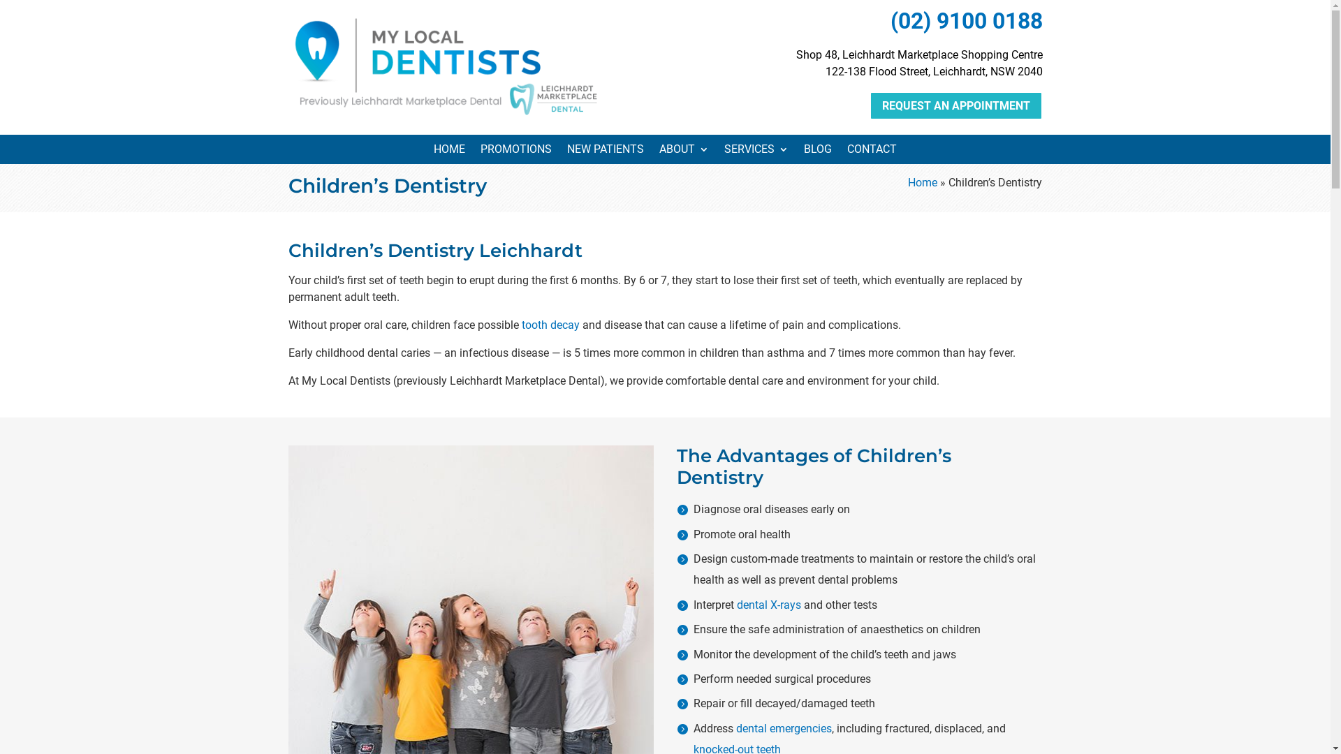 The width and height of the screenshot is (1341, 754). What do you see at coordinates (818, 152) in the screenshot?
I see `'BLOG'` at bounding box center [818, 152].